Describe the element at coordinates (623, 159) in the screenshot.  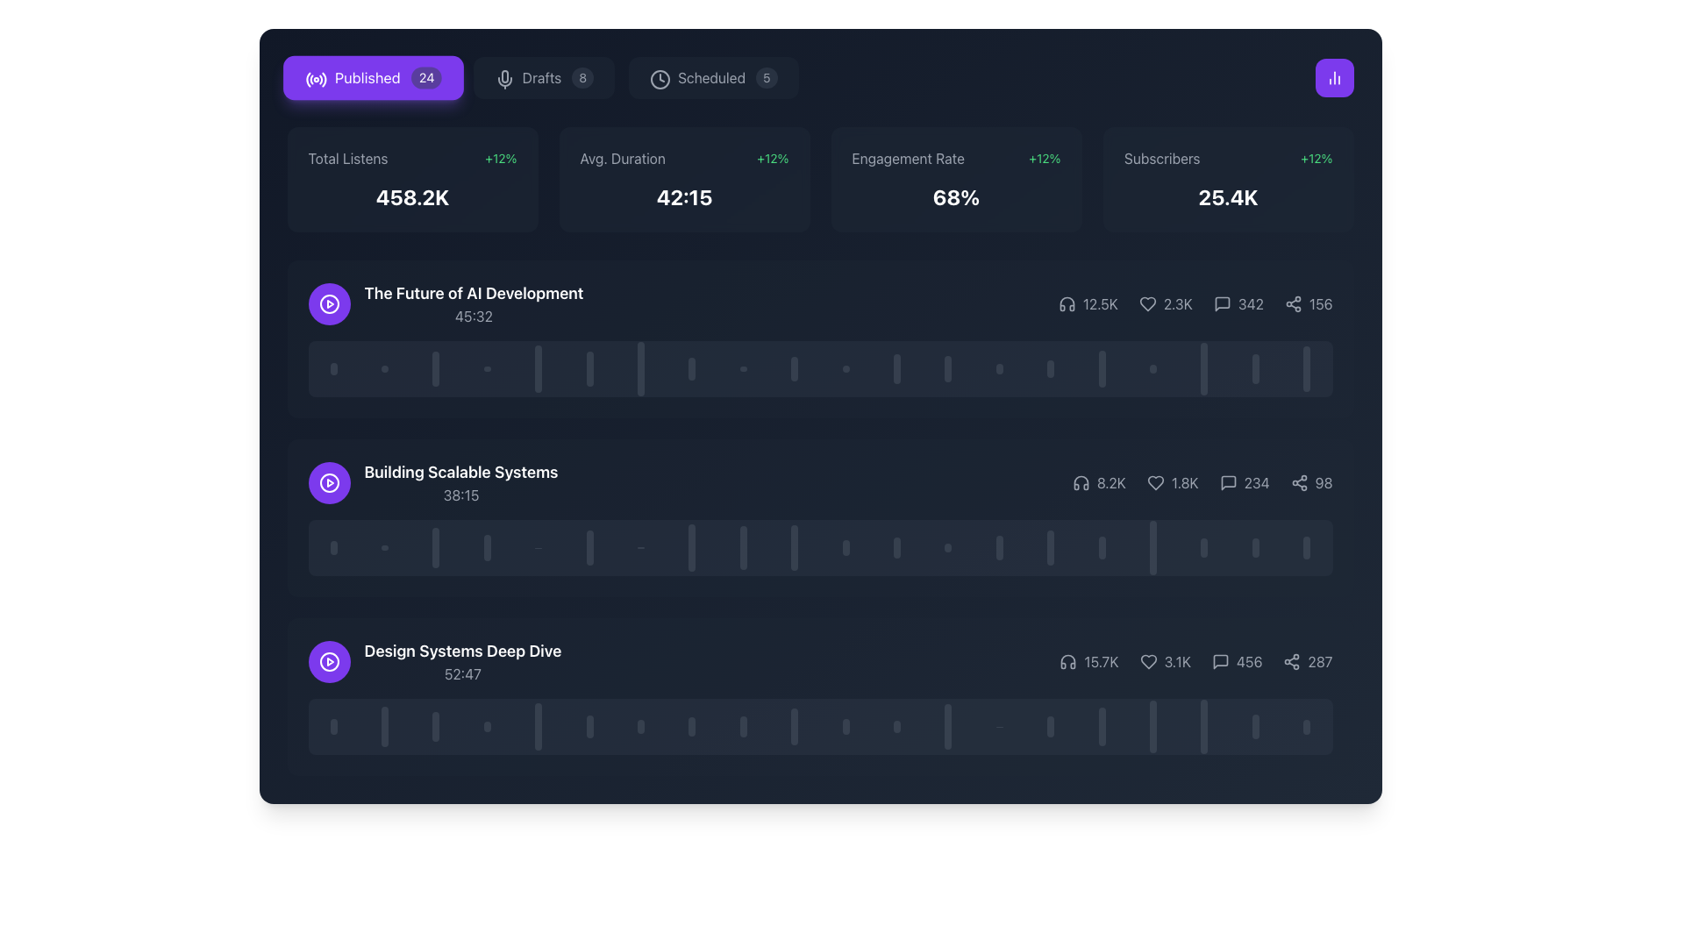
I see `the Text Label that describes the metric value '42:15'` at that location.